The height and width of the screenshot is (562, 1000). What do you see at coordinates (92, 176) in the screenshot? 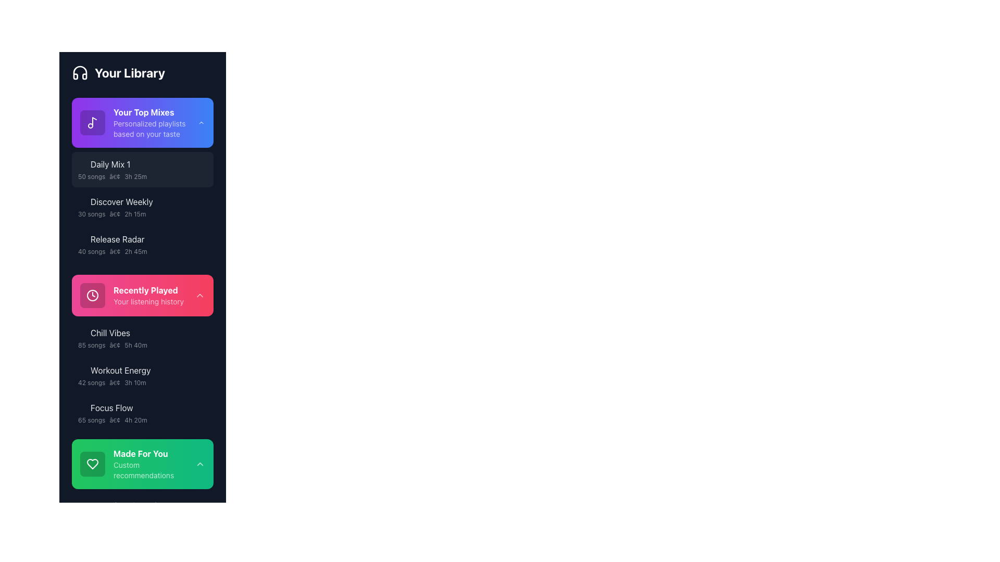
I see `the static text label indicating the number of songs in the playlist, which is positioned before the separator and the text '3h 25m', located below the 'Daily Mix 1' heading` at bounding box center [92, 176].